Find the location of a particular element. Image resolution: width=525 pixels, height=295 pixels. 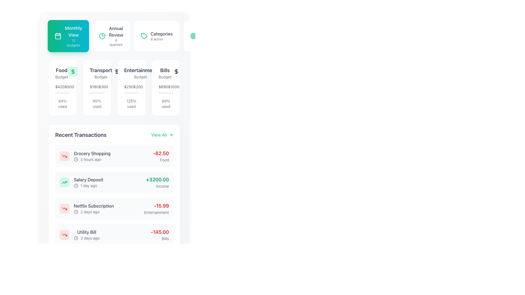

text of the 'Netflix Subscription' entry in the 'Recent Transactions' section, which includes a clock icon and is formatted with bold gray text and smaller lighter gray text is located at coordinates (94, 208).